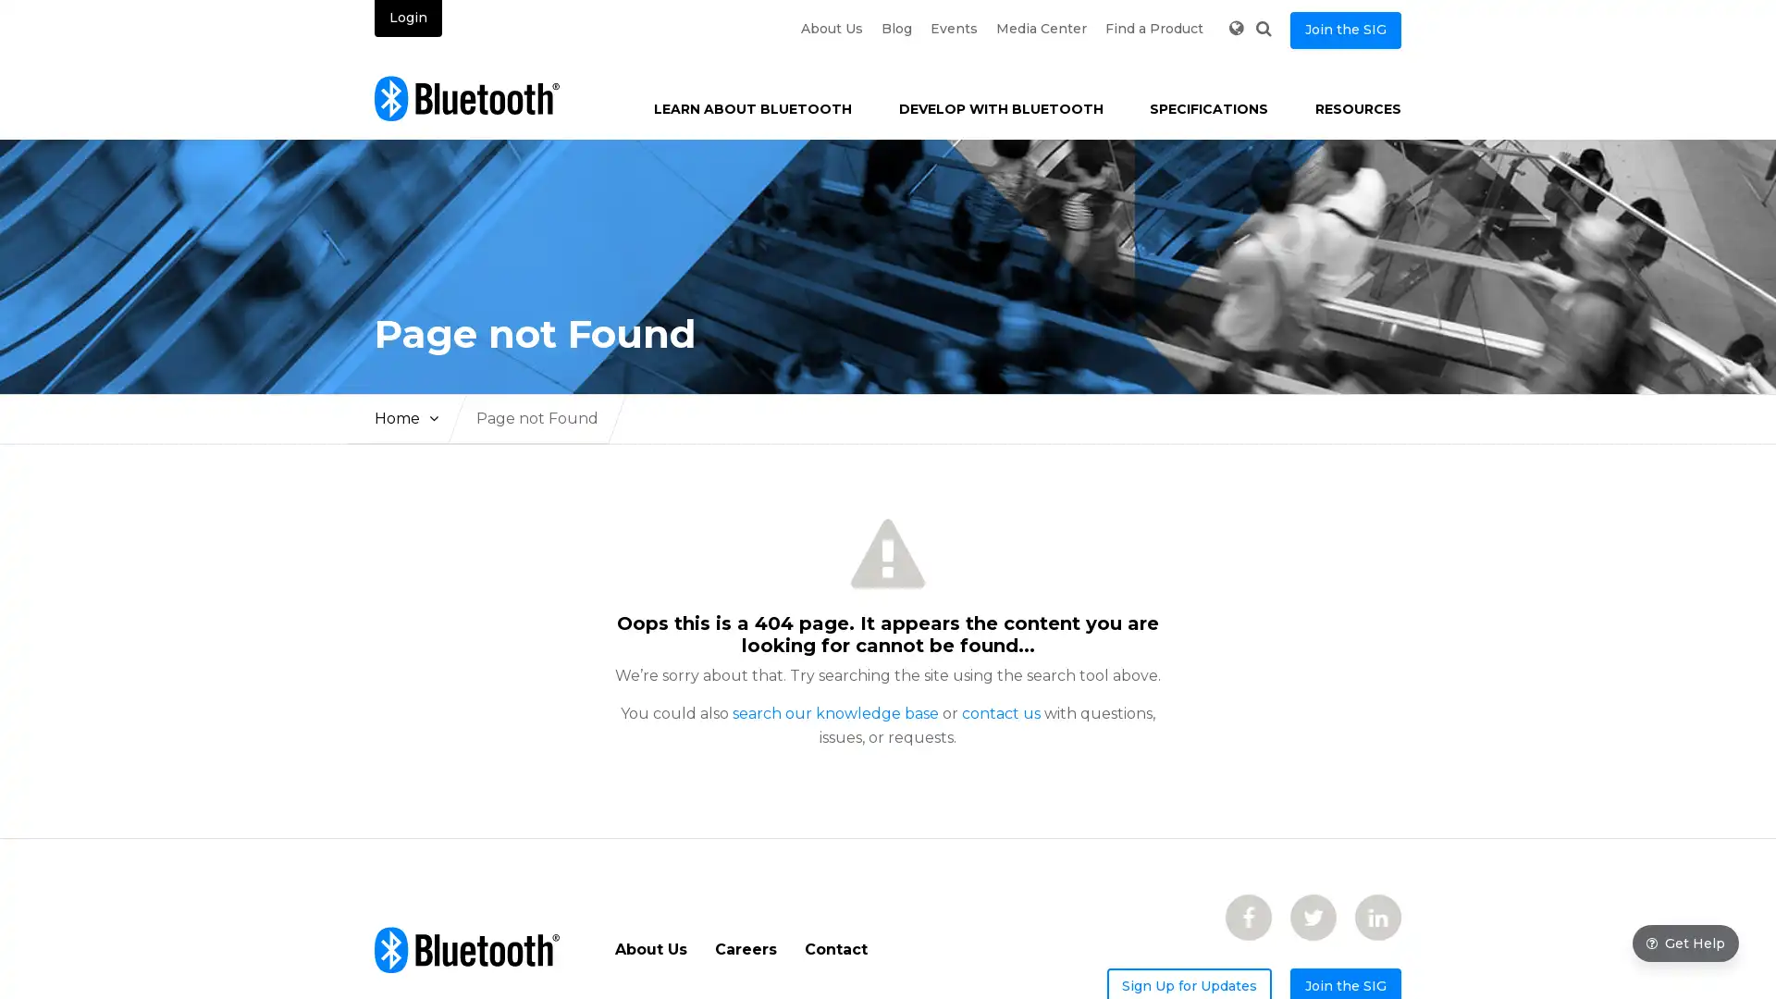 This screenshot has width=1776, height=999. What do you see at coordinates (1263, 28) in the screenshot?
I see `Search` at bounding box center [1263, 28].